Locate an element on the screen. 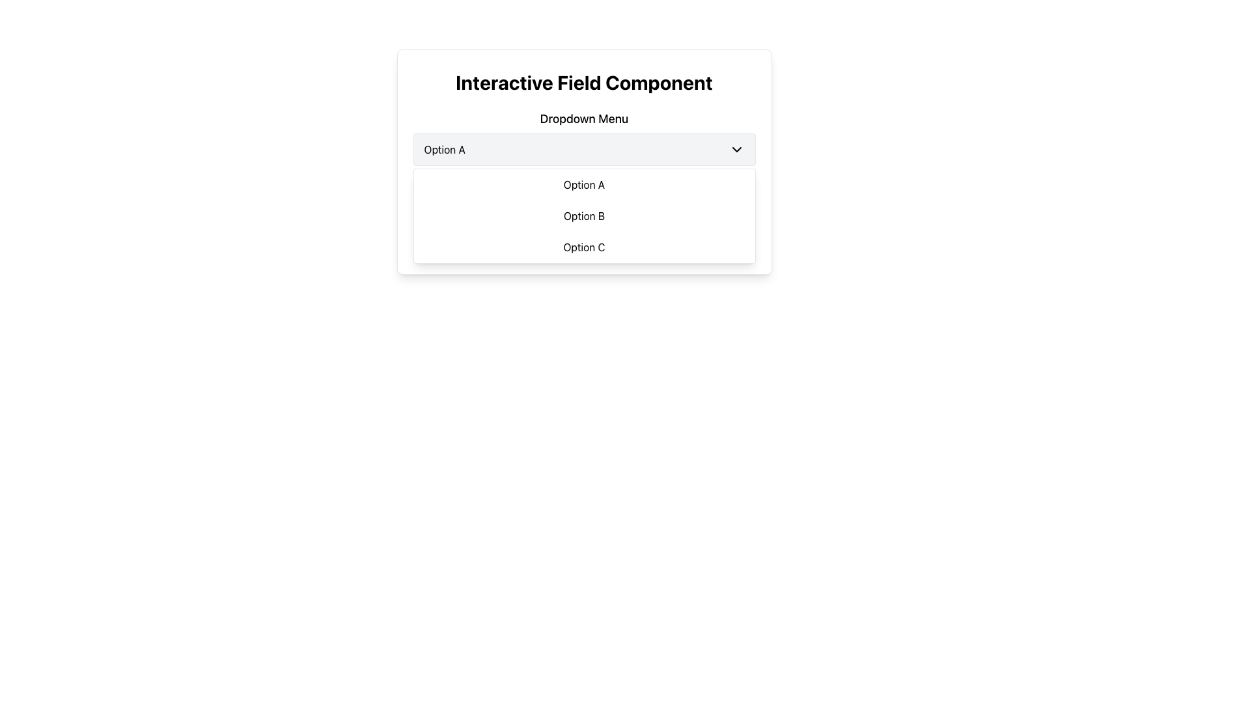  the button is located at coordinates (583, 247).